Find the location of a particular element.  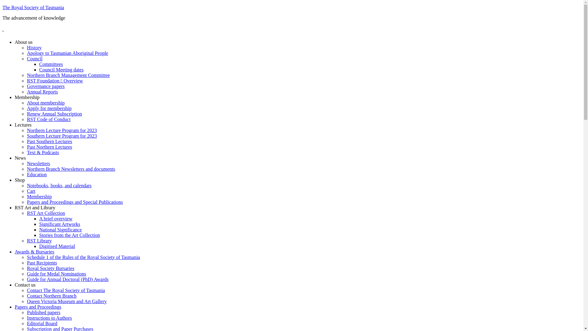

'Notebooks, books, and calendars' is located at coordinates (59, 185).